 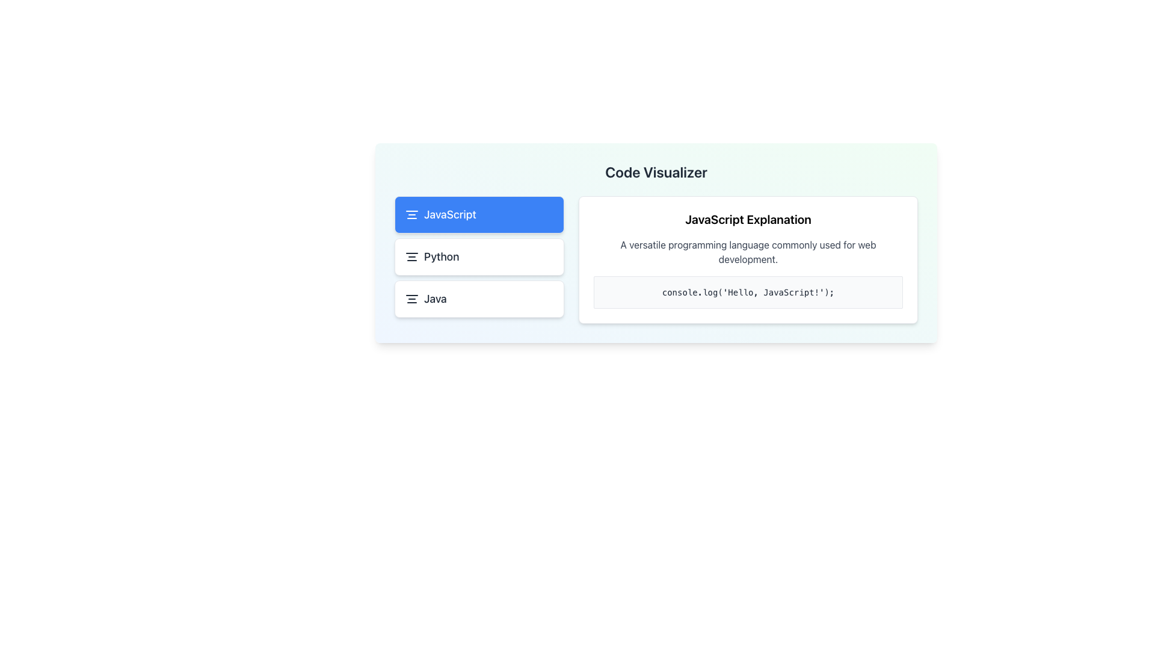 What do you see at coordinates (412, 299) in the screenshot?
I see `the icon resembling three horizontal lines, which is styled in a minimalist outline design and is located to the left of the 'Java' text in a vertically aligned list of items` at bounding box center [412, 299].